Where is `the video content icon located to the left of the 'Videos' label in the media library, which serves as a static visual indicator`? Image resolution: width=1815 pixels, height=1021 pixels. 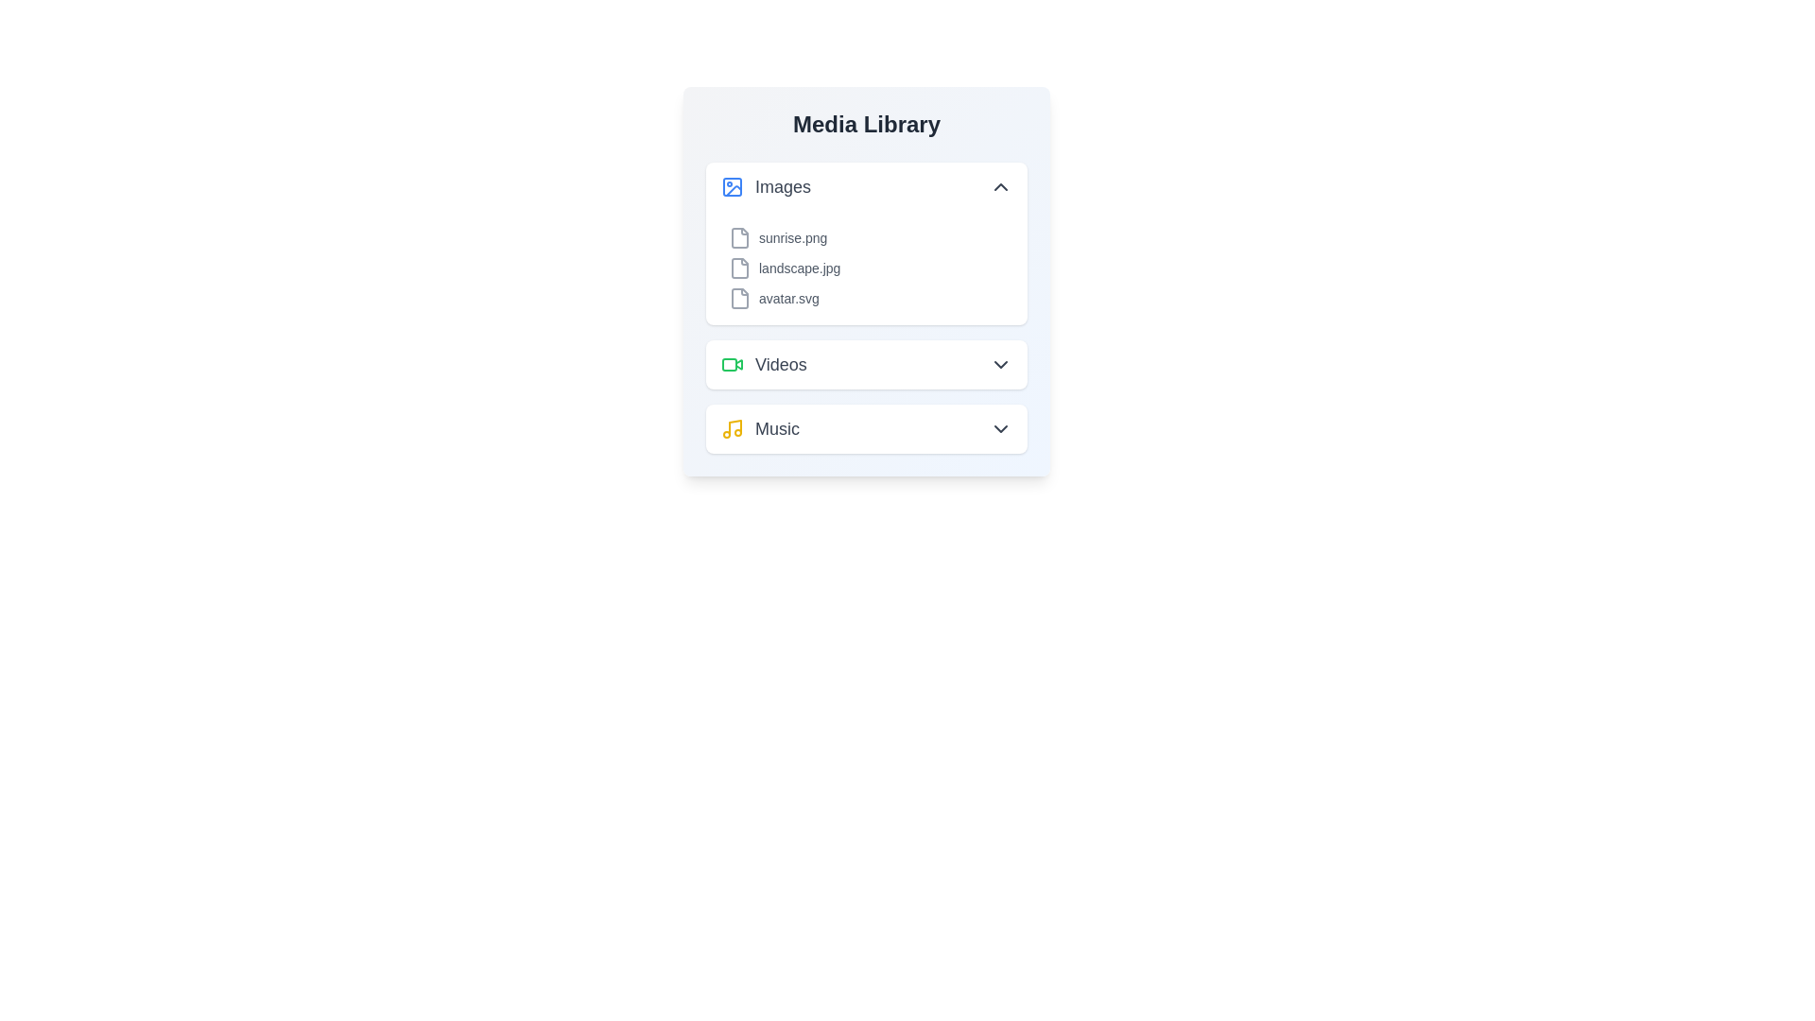 the video content icon located to the left of the 'Videos' label in the media library, which serves as a static visual indicator is located at coordinates (731, 364).